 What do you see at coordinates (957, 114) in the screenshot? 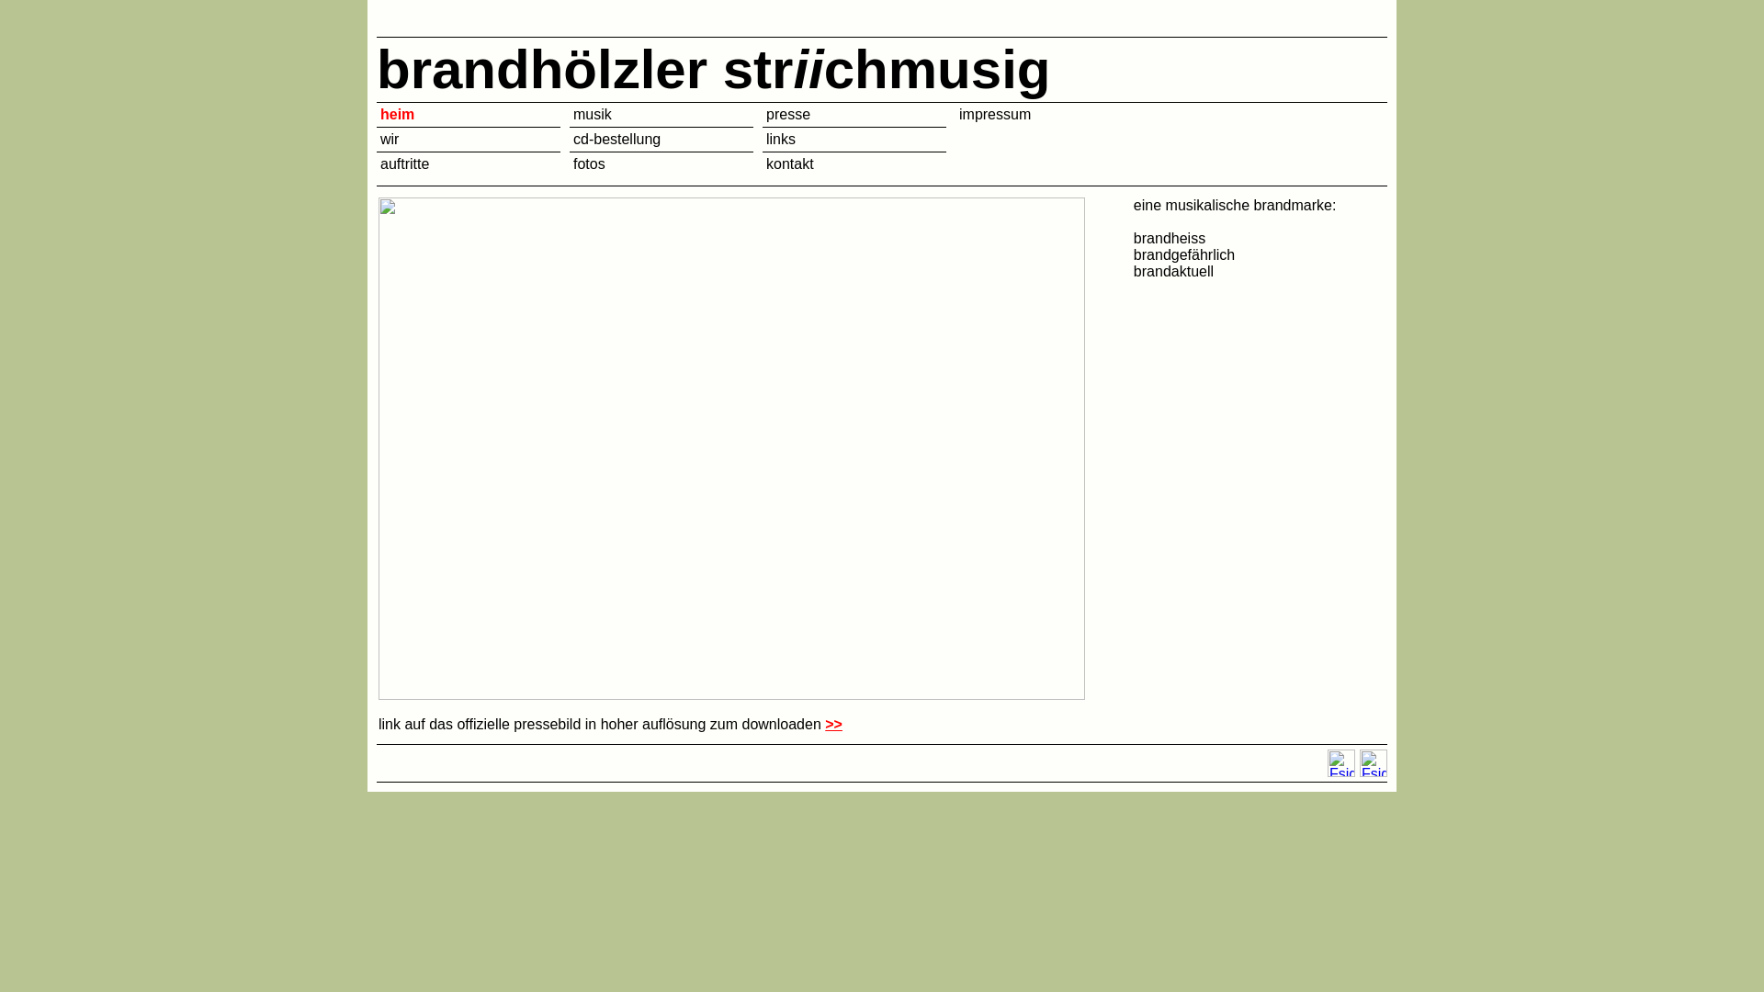
I see `'impressum'` at bounding box center [957, 114].